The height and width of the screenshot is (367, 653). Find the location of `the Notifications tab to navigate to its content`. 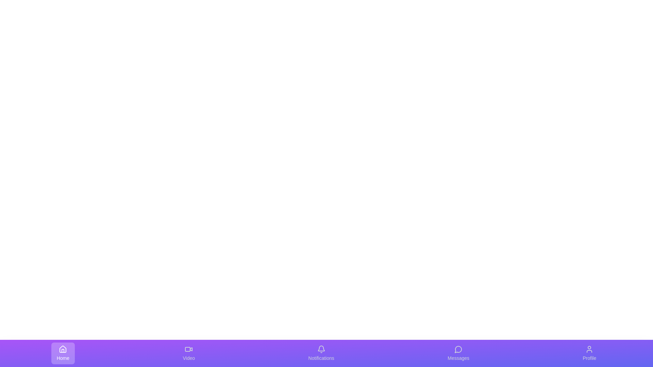

the Notifications tab to navigate to its content is located at coordinates (321, 353).